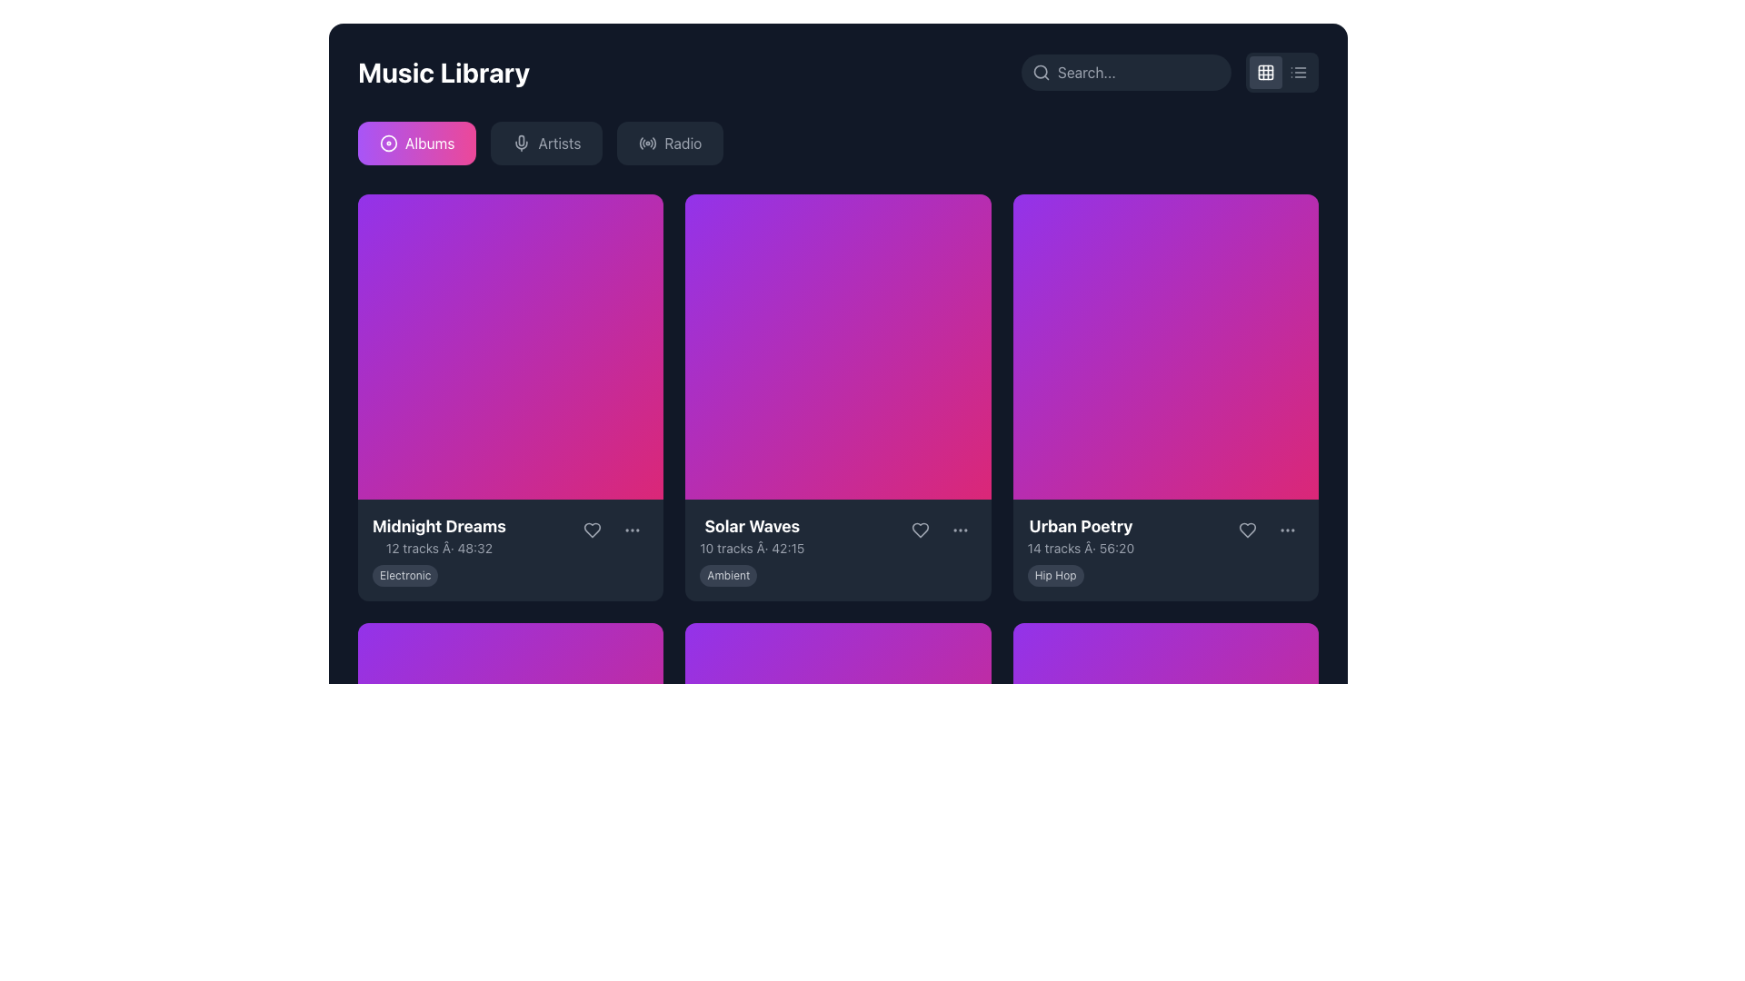  What do you see at coordinates (920, 530) in the screenshot?
I see `the heart button located in the second album card next to the 'Solar Waves' album title to change its color` at bounding box center [920, 530].